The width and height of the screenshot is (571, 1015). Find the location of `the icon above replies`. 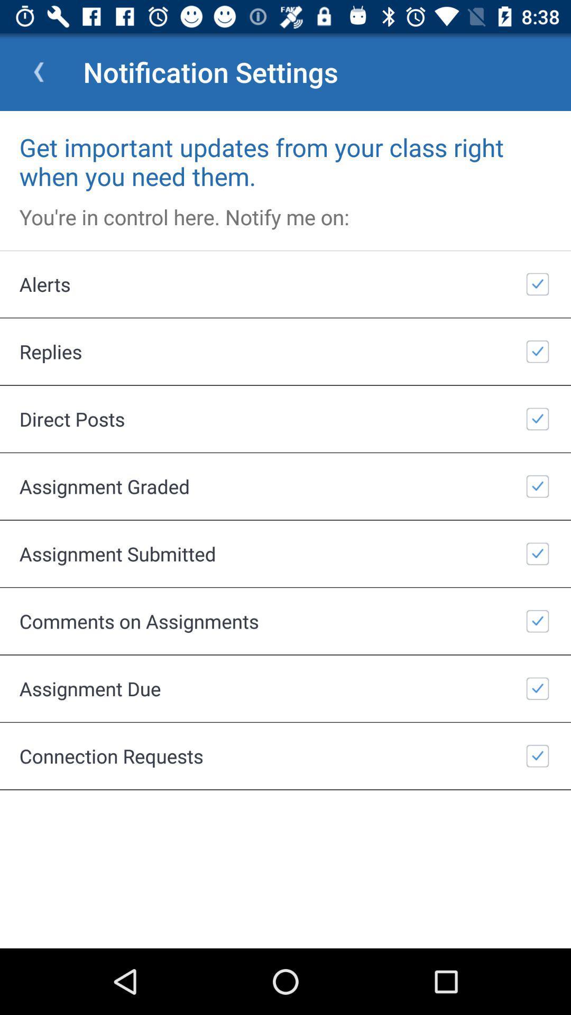

the icon above replies is located at coordinates (285, 284).